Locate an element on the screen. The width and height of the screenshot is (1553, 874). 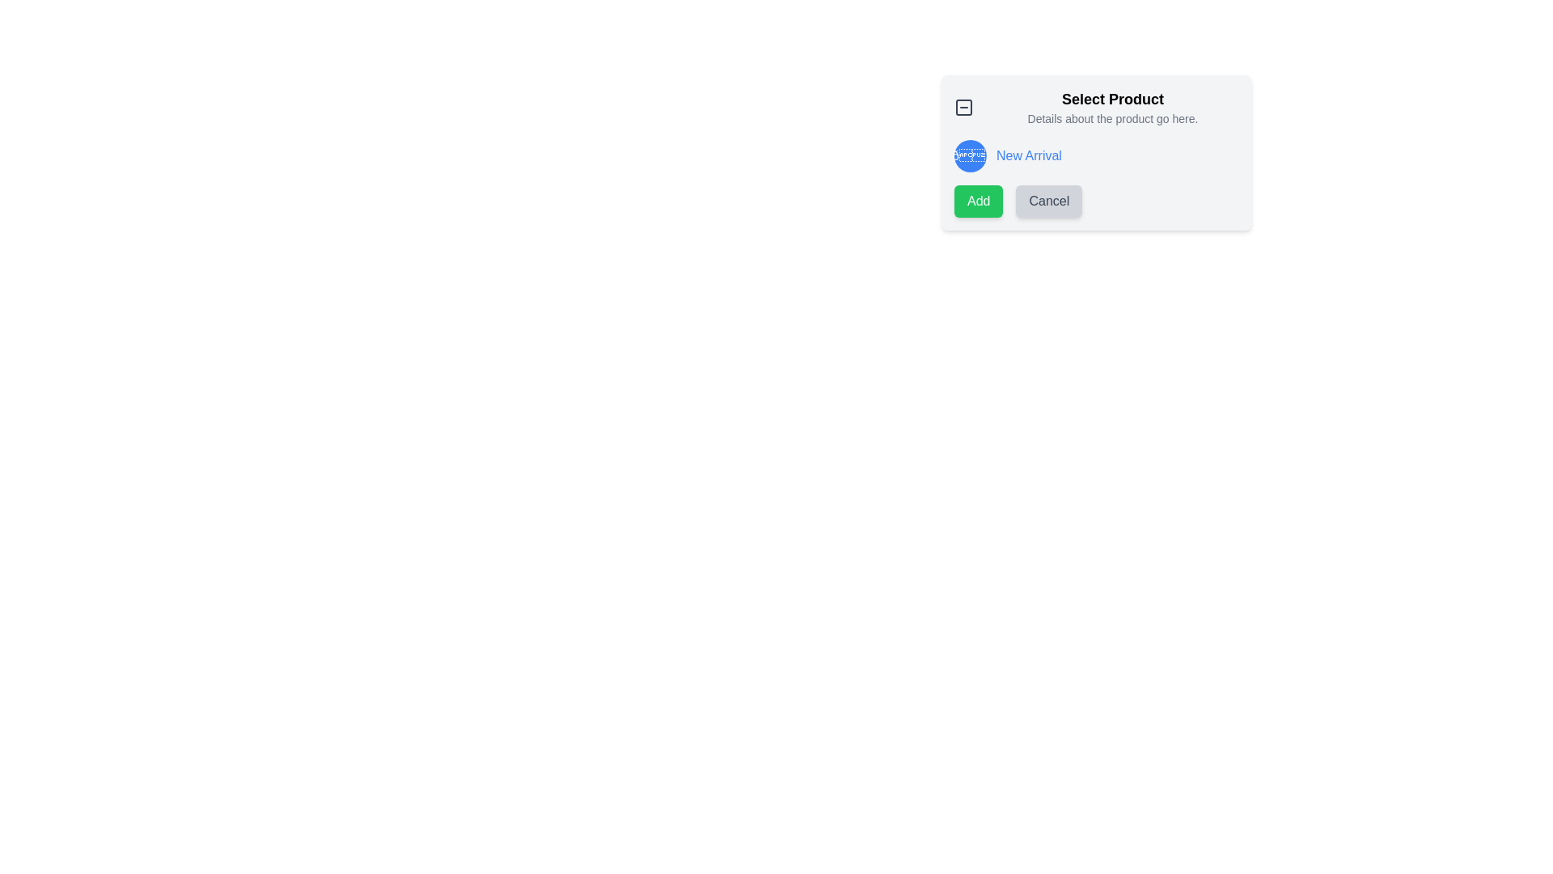
the 'Add' button, which is a green rectangular button with white text, located below the 'New Arrival' link and to the left of the 'Cancel' button in the 'Select Product' section is located at coordinates (978, 201).